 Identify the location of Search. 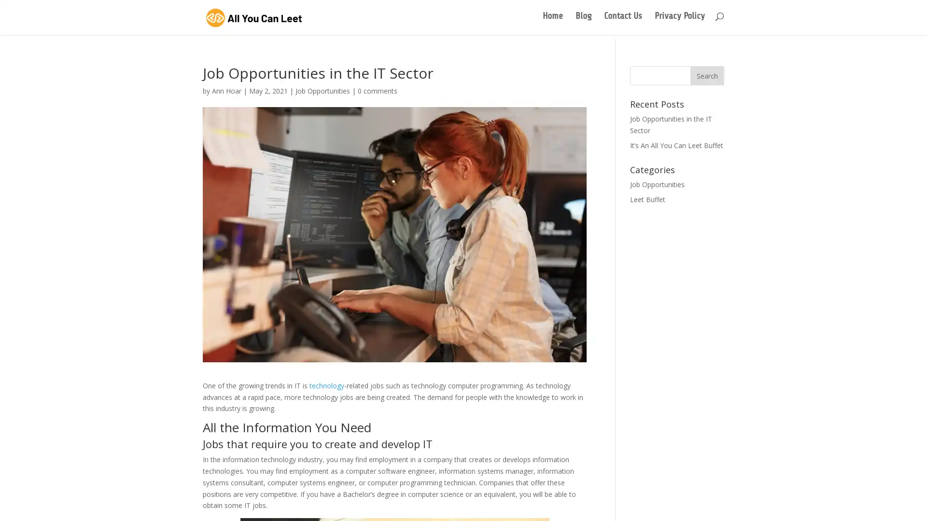
(707, 72).